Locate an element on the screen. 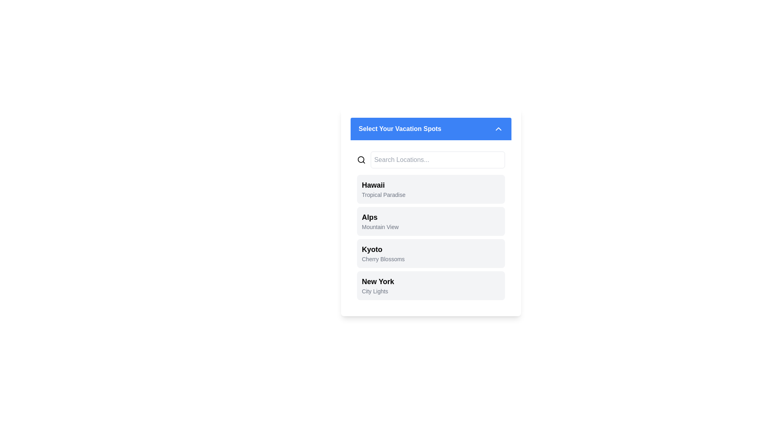  the Static Text element displaying 'Mountain View', which is located beneath the title 'Alps' in a gray font is located at coordinates (380, 227).